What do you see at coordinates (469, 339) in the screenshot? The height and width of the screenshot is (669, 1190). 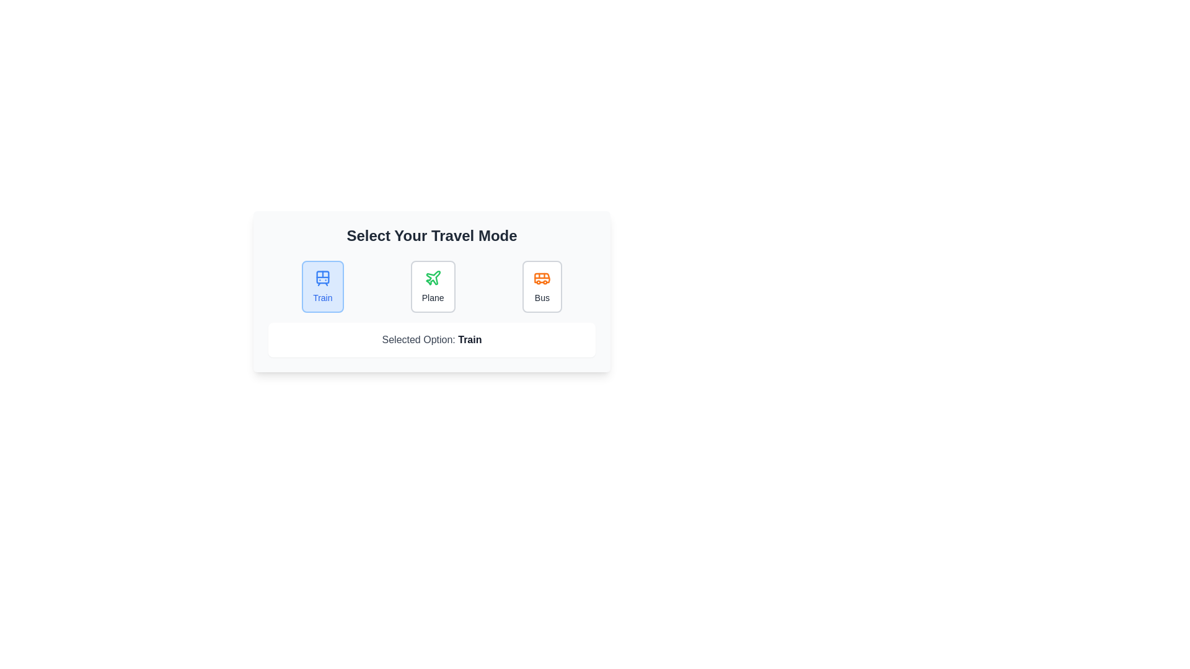 I see `bold text label displaying 'Train', which is part of the sentence 'Selected Option: Train' and is located at the end of that sentence` at bounding box center [469, 339].